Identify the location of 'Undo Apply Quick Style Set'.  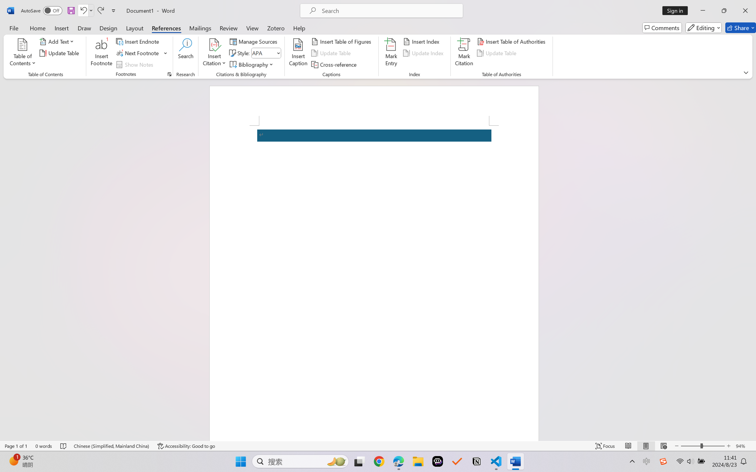
(86, 10).